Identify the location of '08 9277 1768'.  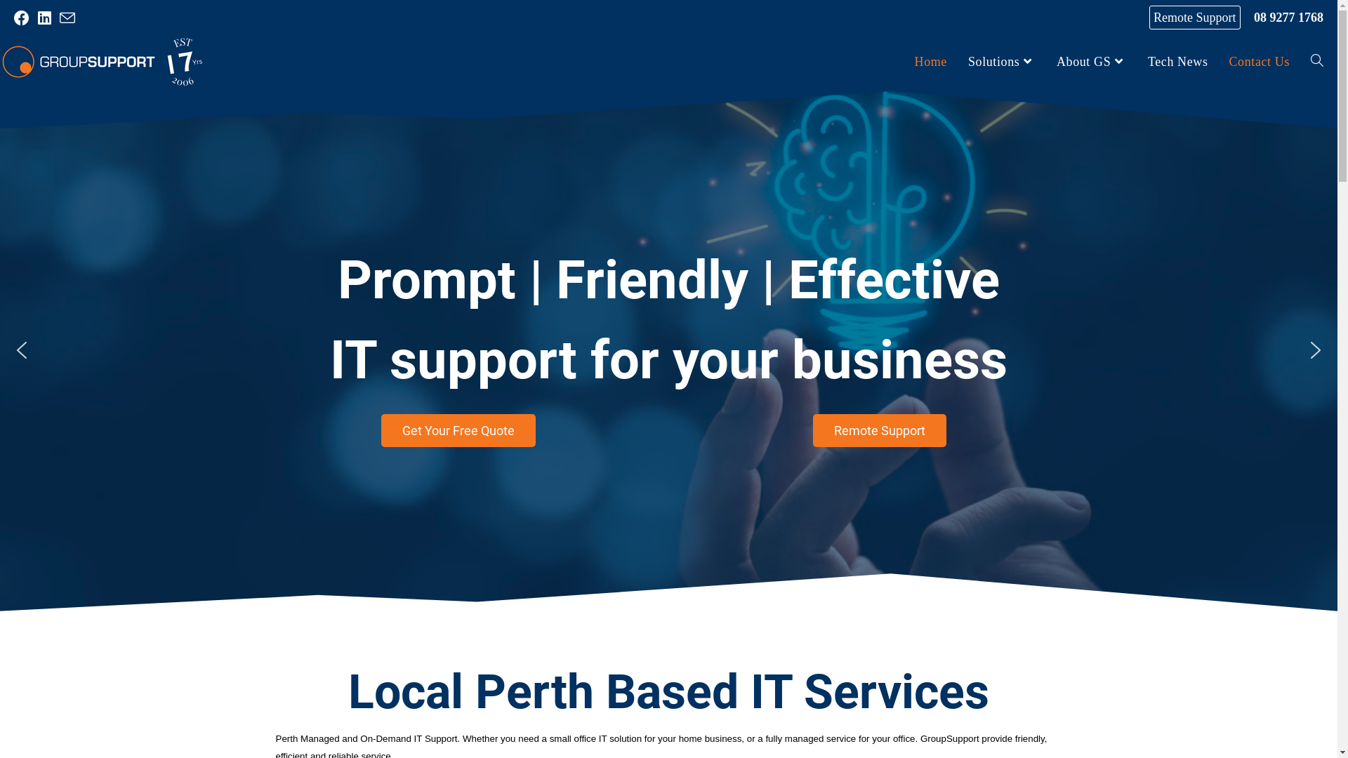
(1288, 17).